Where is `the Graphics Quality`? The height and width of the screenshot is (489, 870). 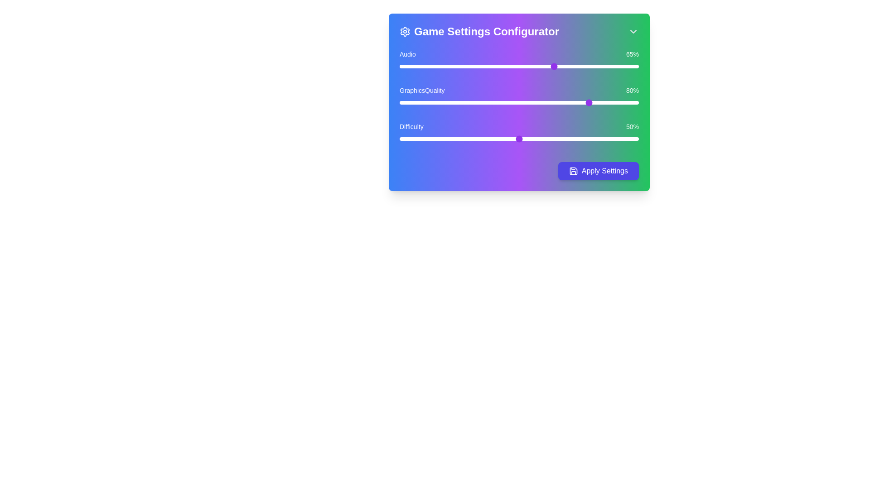
the Graphics Quality is located at coordinates (406, 102).